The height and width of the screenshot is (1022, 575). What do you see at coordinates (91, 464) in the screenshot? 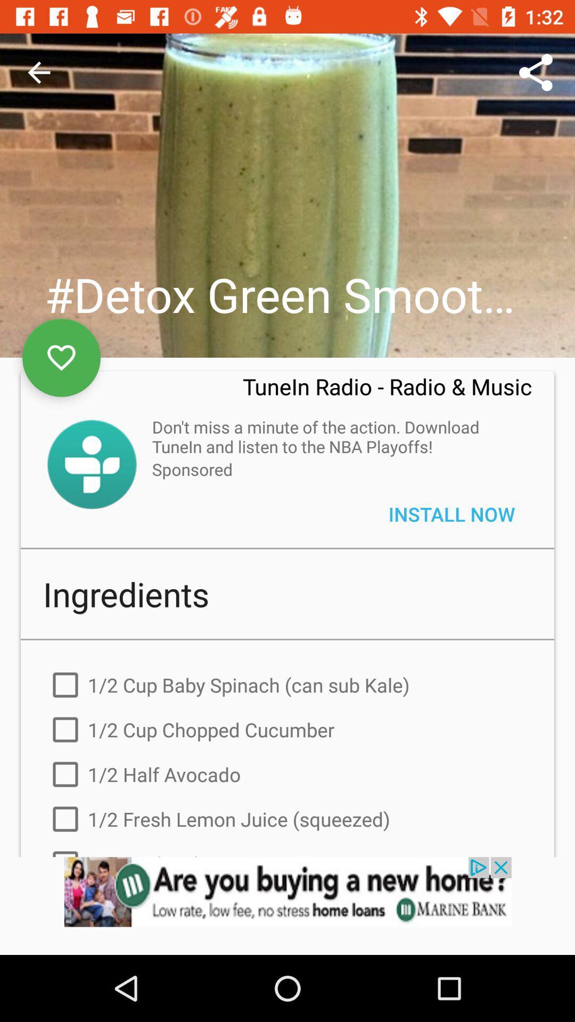
I see `symbol of sowtware` at bounding box center [91, 464].